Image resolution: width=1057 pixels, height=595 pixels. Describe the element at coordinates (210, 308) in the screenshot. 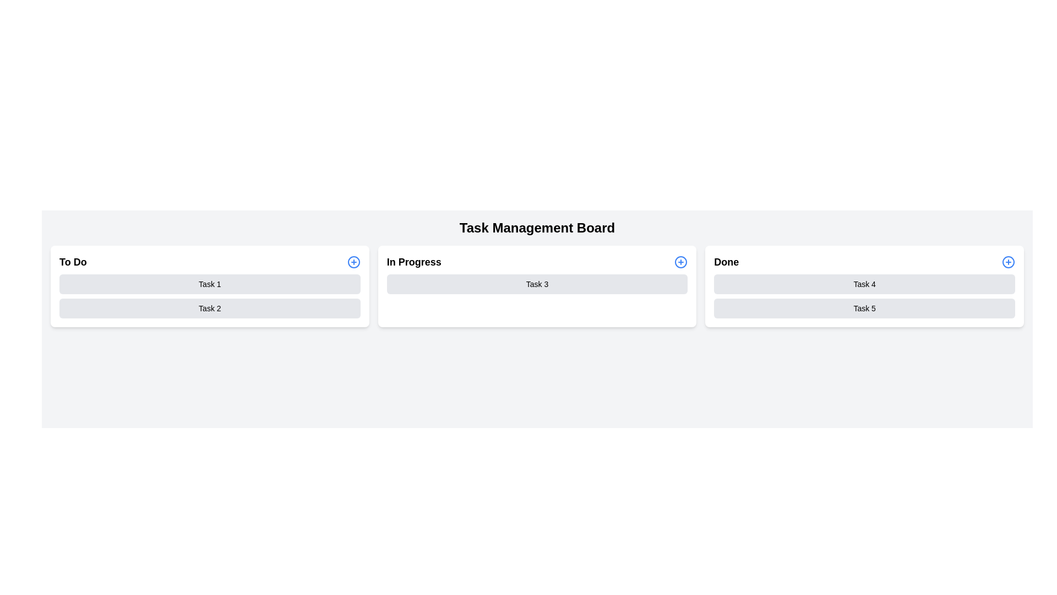

I see `the list item labeled 'Task 2' in the 'To Do' column` at that location.